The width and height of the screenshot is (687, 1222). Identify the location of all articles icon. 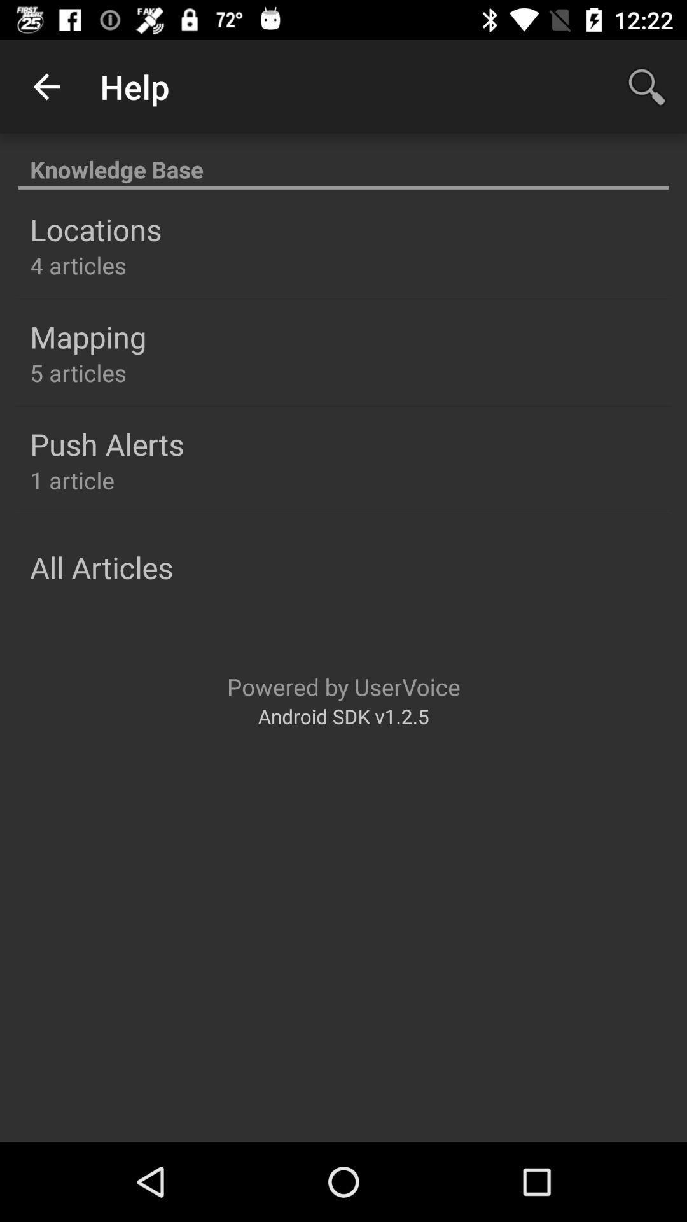
(101, 566).